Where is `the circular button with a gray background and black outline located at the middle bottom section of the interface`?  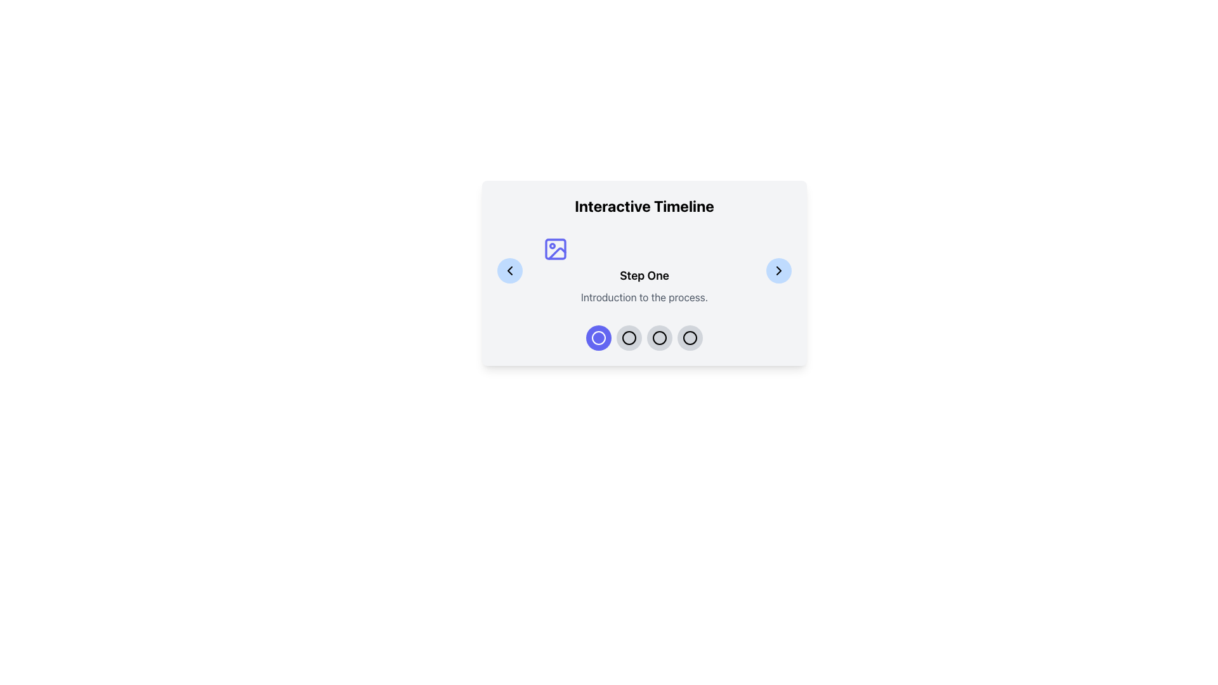 the circular button with a gray background and black outline located at the middle bottom section of the interface is located at coordinates (629, 337).